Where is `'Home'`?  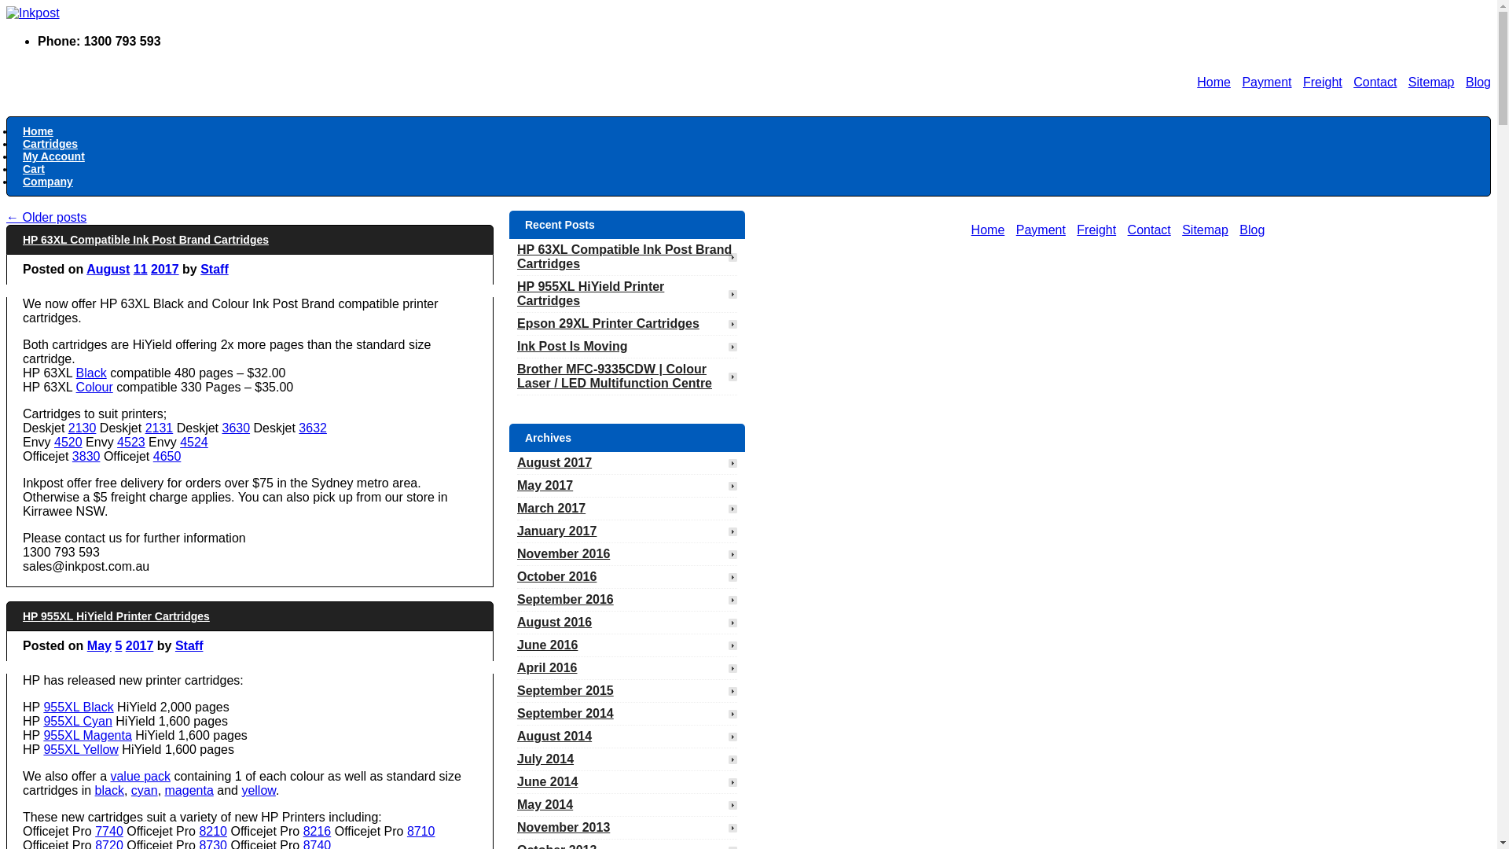 'Home' is located at coordinates (38, 130).